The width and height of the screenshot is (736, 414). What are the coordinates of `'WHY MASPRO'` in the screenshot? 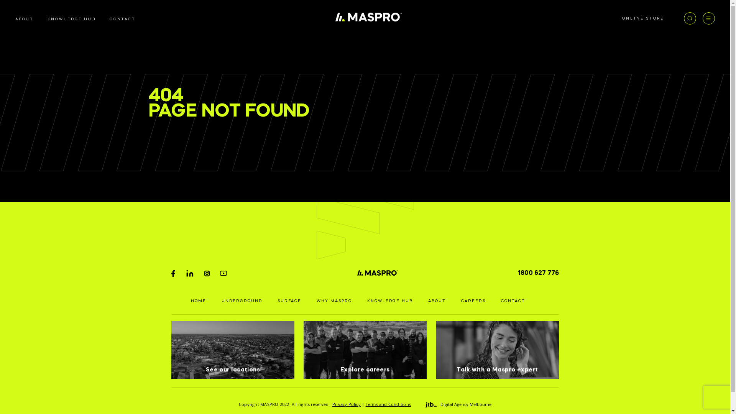 It's located at (334, 301).